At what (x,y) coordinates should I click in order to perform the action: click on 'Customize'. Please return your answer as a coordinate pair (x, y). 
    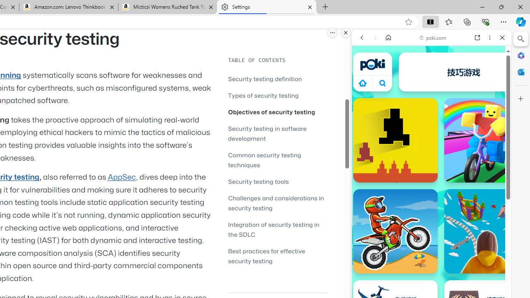
    Looking at the image, I should click on (520, 99).